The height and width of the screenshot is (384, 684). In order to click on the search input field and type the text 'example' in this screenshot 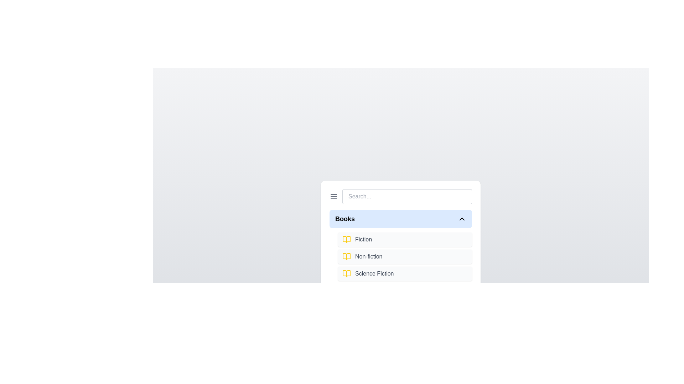, I will do `click(407, 196)`.